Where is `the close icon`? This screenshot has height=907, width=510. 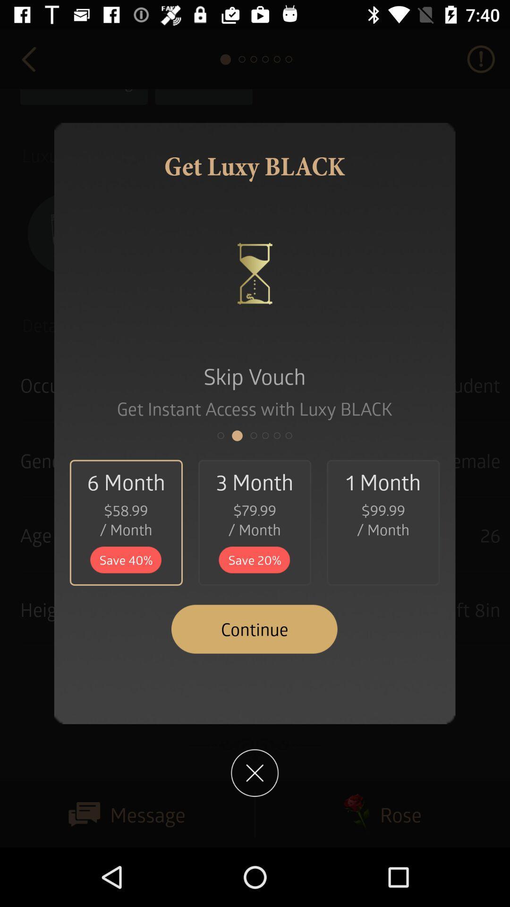 the close icon is located at coordinates (254, 773).